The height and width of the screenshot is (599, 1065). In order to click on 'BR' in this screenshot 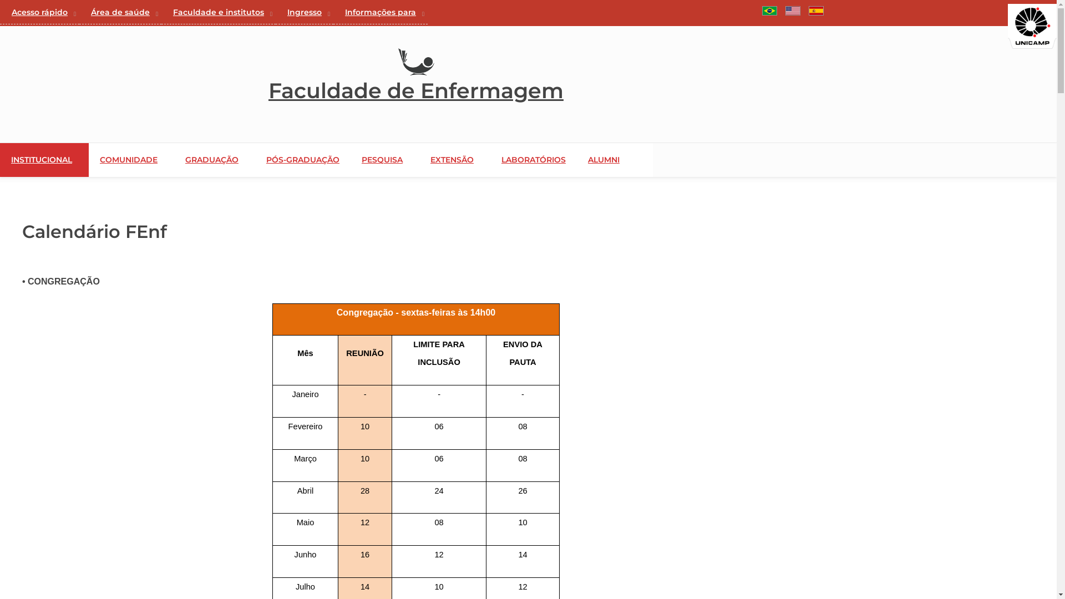, I will do `click(769, 11)`.